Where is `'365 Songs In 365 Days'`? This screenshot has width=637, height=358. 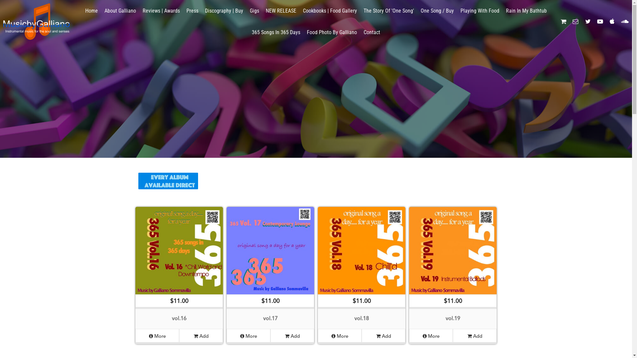
'365 Songs In 365 Days' is located at coordinates (276, 32).